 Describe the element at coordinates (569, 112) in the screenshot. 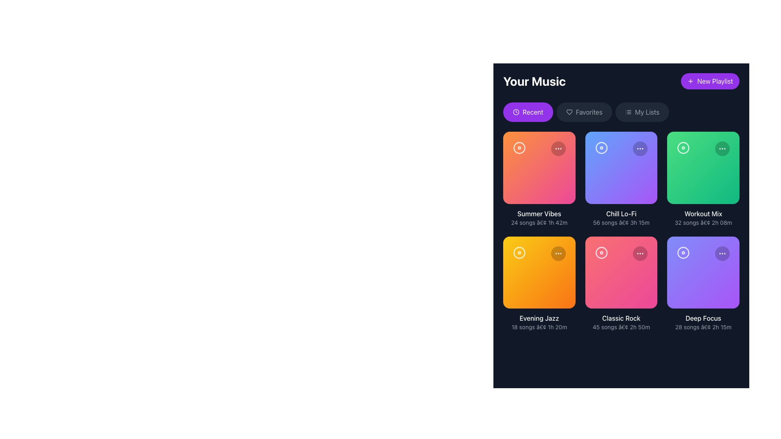

I see `the heart-shaped button icon located in the 'Favorites' section at the top center of the user interface` at that location.